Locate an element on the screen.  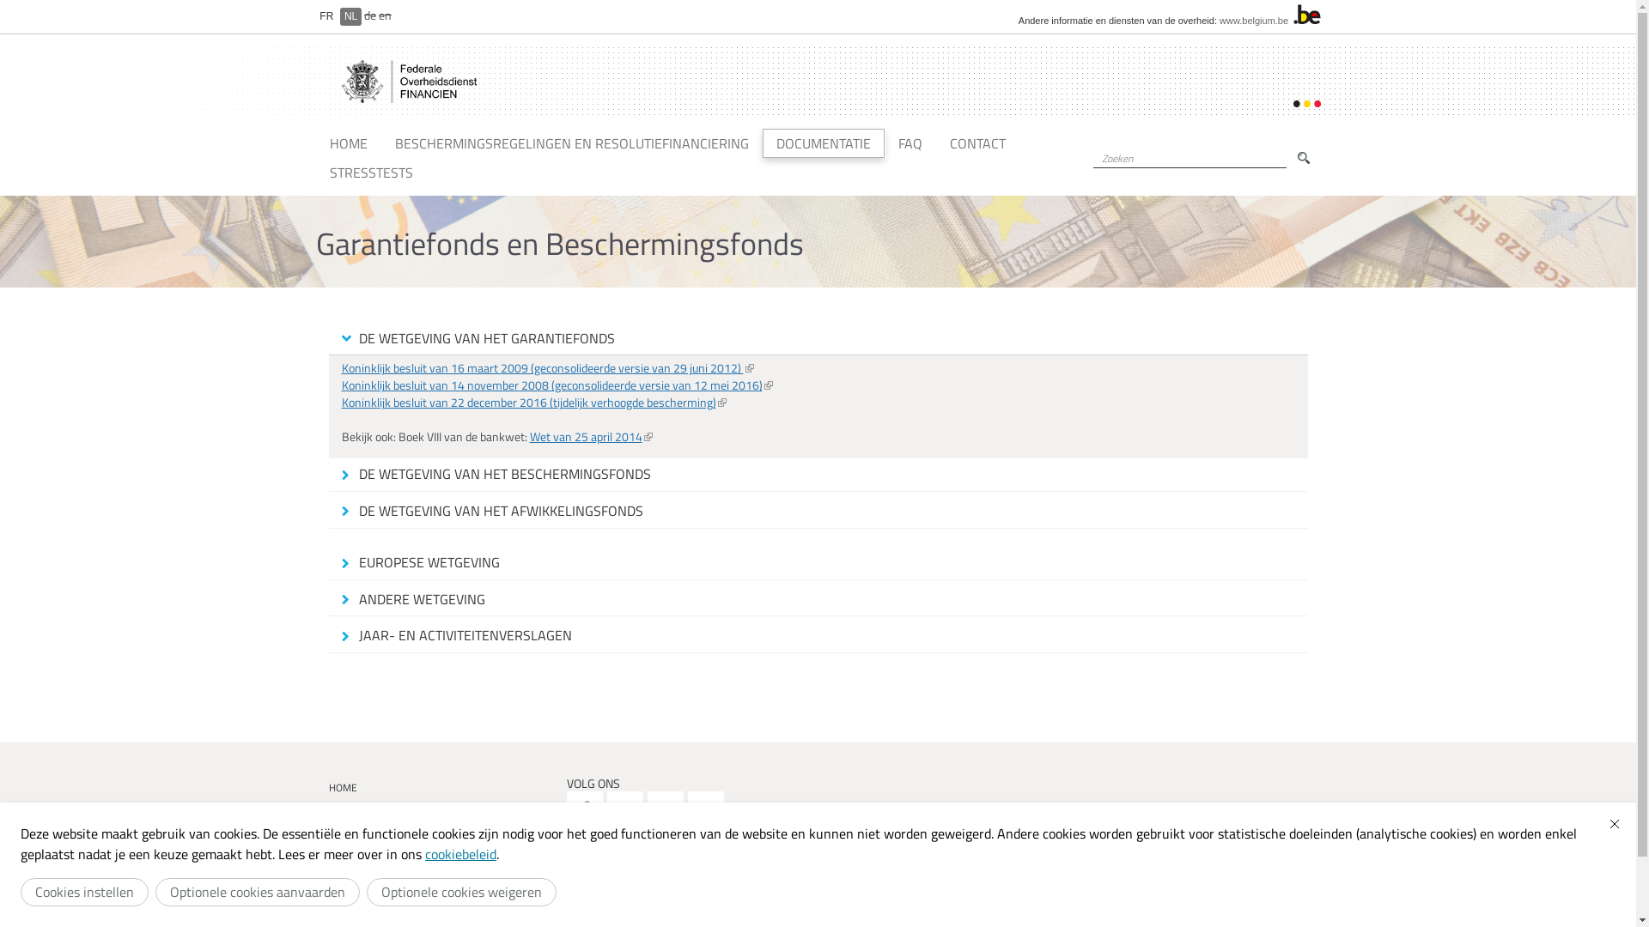
'Wet van 25 april 2014 is located at coordinates (590, 435).